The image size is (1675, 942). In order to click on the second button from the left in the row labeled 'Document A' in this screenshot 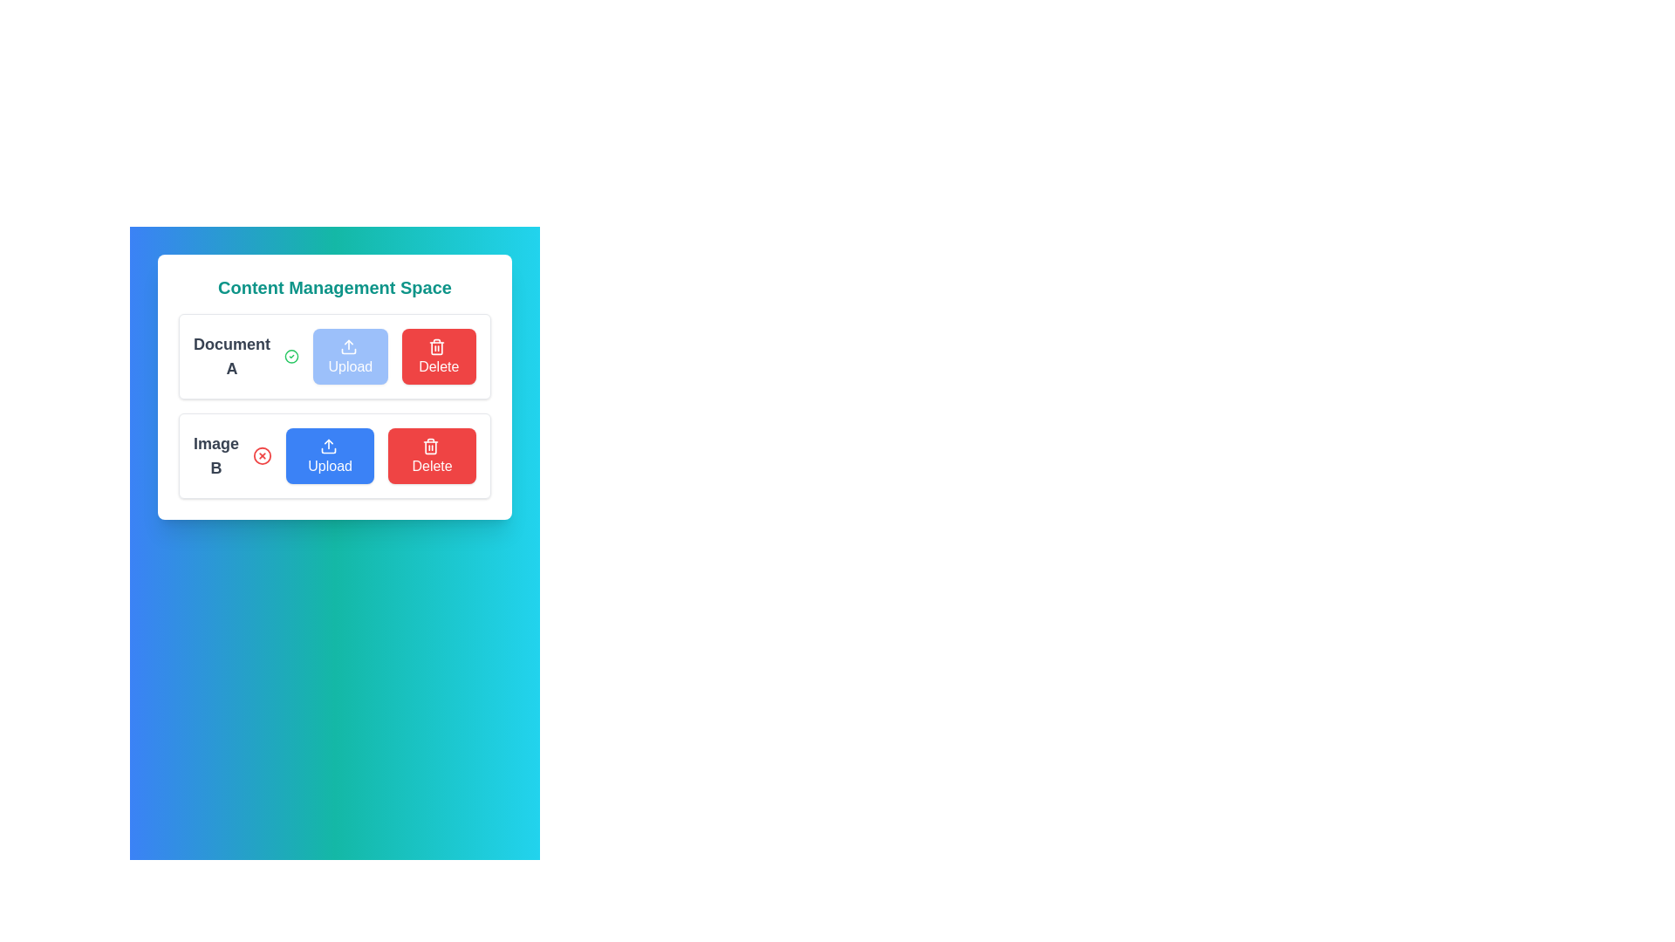, I will do `click(335, 355)`.